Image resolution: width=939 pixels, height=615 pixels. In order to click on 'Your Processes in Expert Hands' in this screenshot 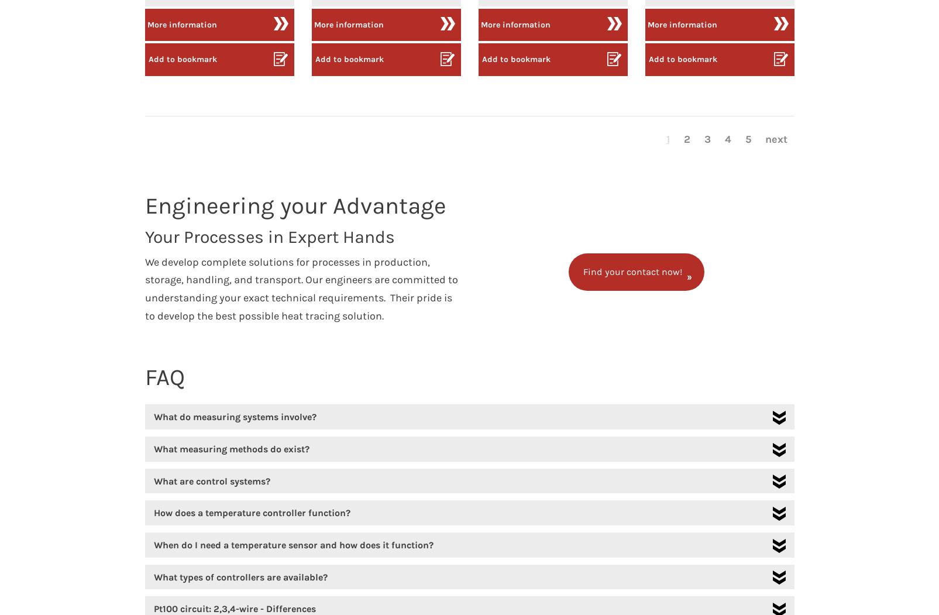, I will do `click(269, 236)`.